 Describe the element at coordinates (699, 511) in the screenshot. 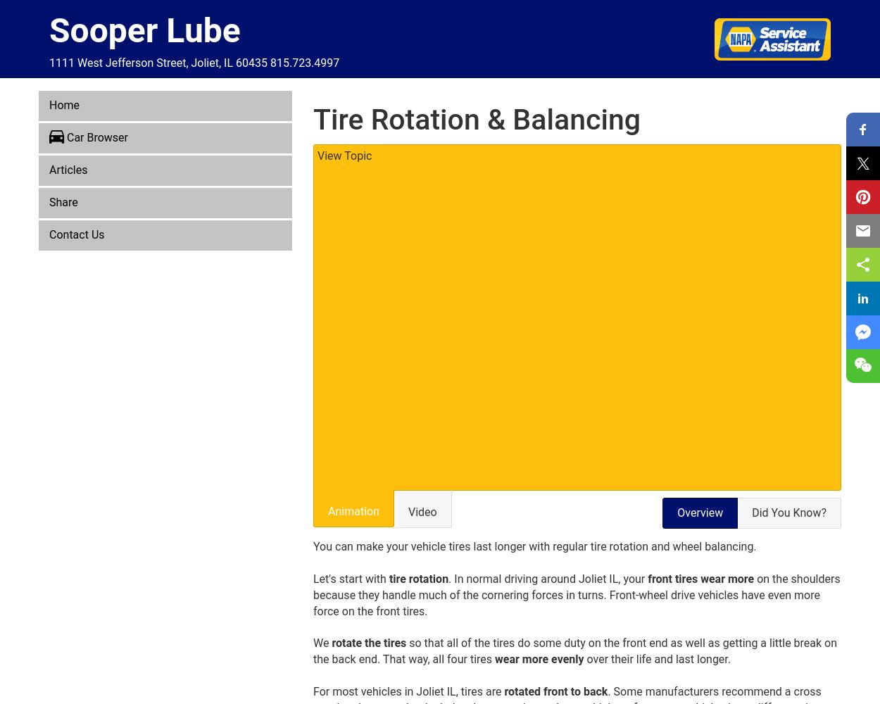

I see `'Overview'` at that location.